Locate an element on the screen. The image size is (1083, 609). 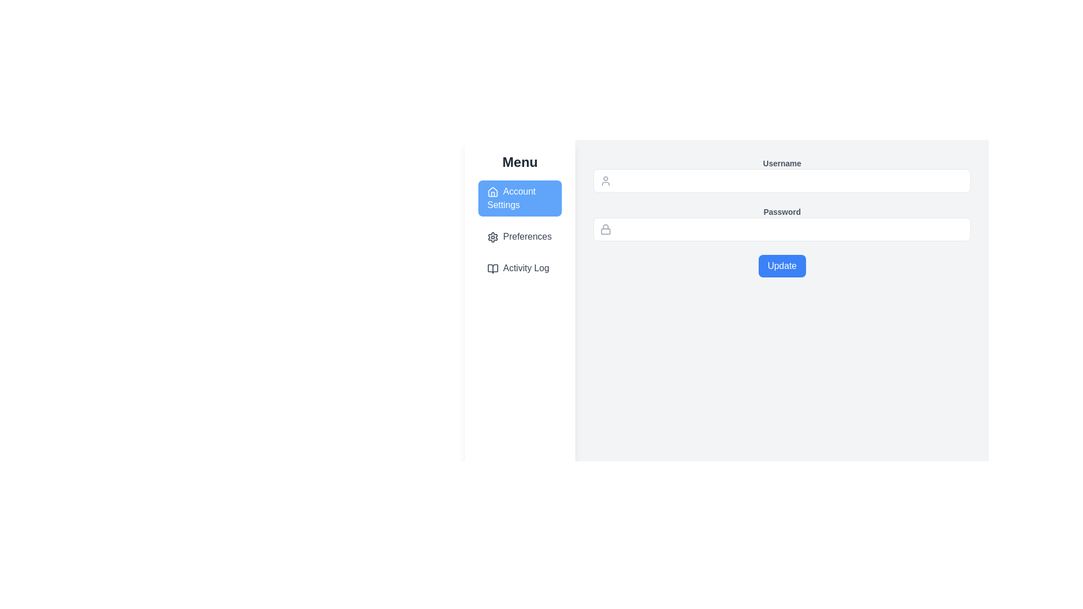
the 'Username' label text, which is styled in a small, bold, gray font and positioned above the input field is located at coordinates (781, 163).